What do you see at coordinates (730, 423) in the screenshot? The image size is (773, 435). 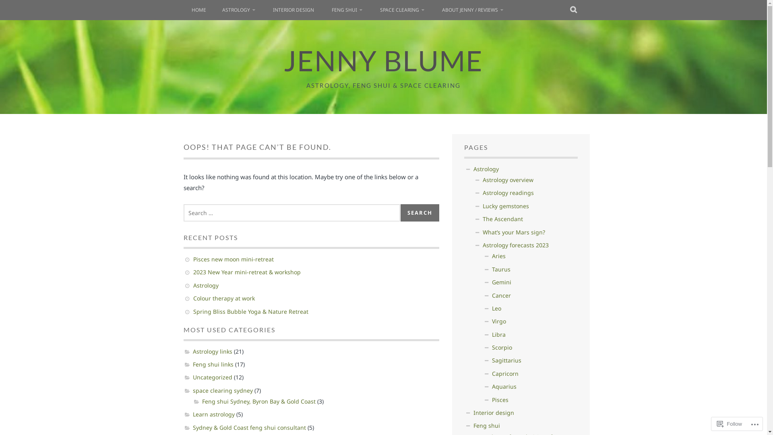 I see `'Follow'` at bounding box center [730, 423].